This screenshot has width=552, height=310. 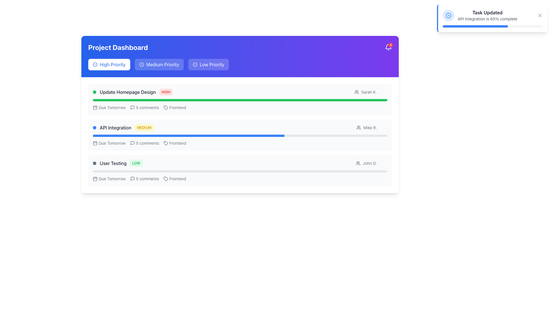 I want to click on the text label displaying 'Sarah K.' which is styled in small font and located next to a user icon on the task board interface, so click(x=369, y=92).